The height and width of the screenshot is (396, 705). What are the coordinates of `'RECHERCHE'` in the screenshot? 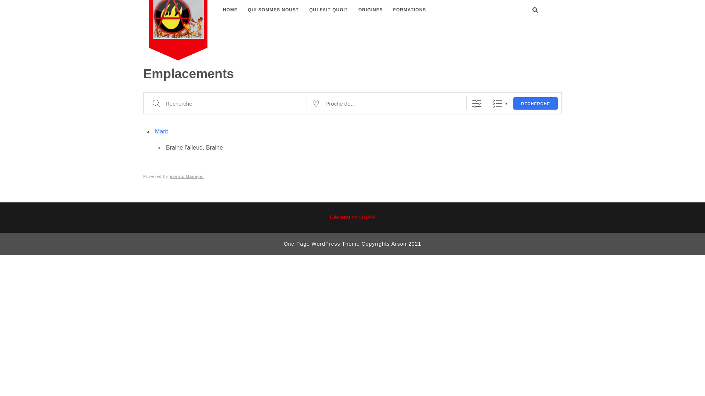 It's located at (535, 103).